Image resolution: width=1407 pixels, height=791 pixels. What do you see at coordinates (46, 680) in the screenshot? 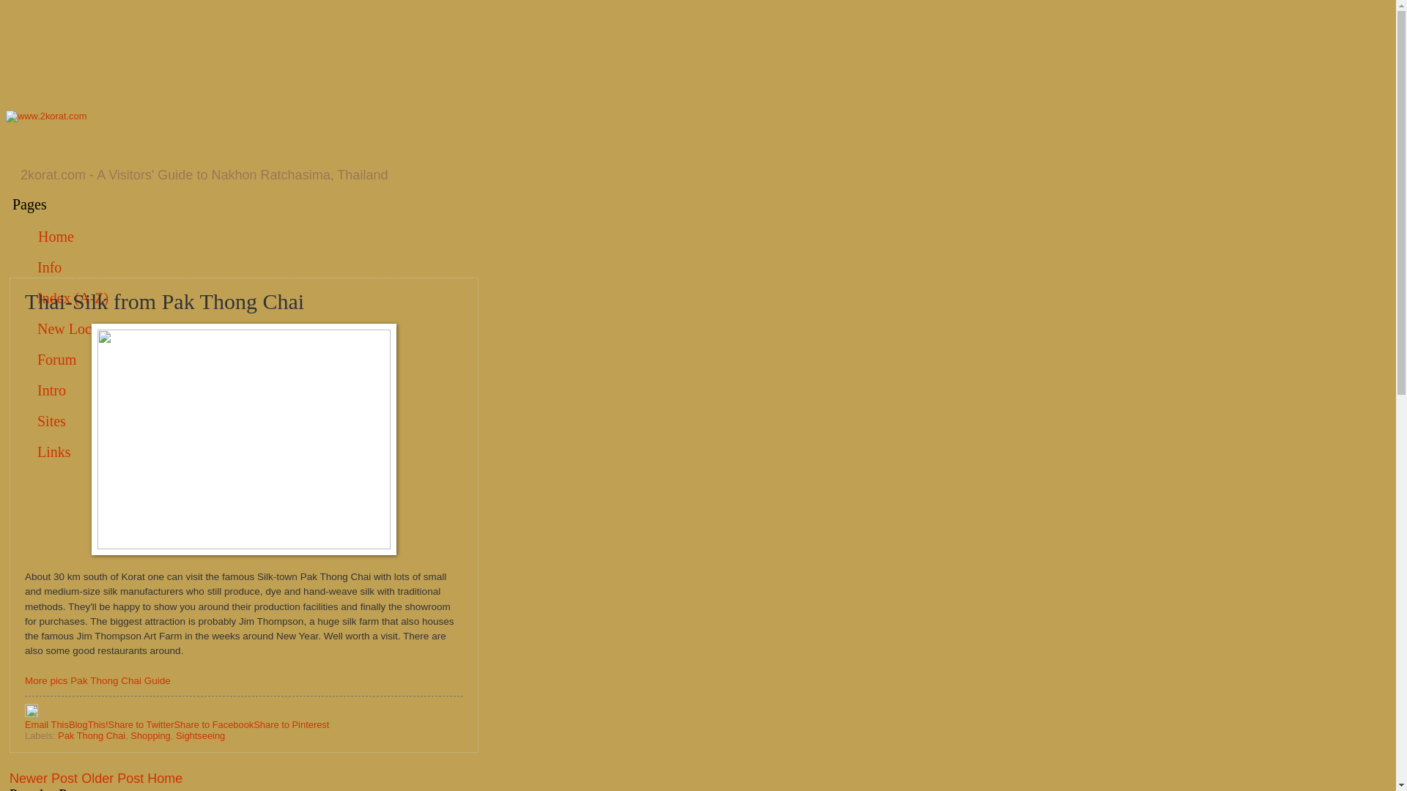
I see `'More pics'` at bounding box center [46, 680].